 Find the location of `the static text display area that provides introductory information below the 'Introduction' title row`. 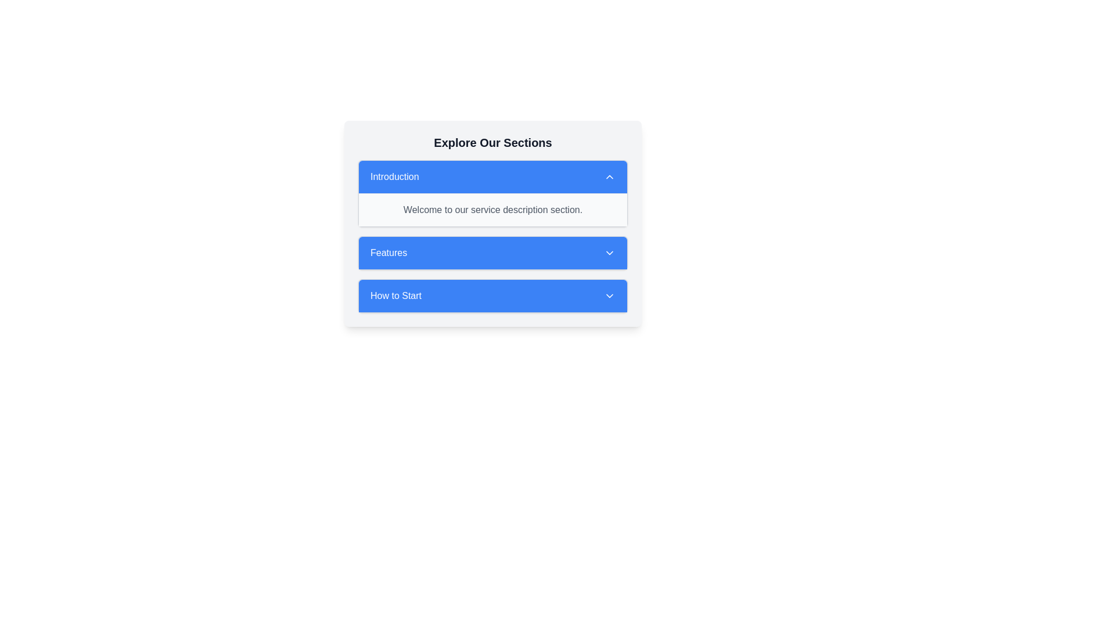

the static text display area that provides introductory information below the 'Introduction' title row is located at coordinates (493, 210).